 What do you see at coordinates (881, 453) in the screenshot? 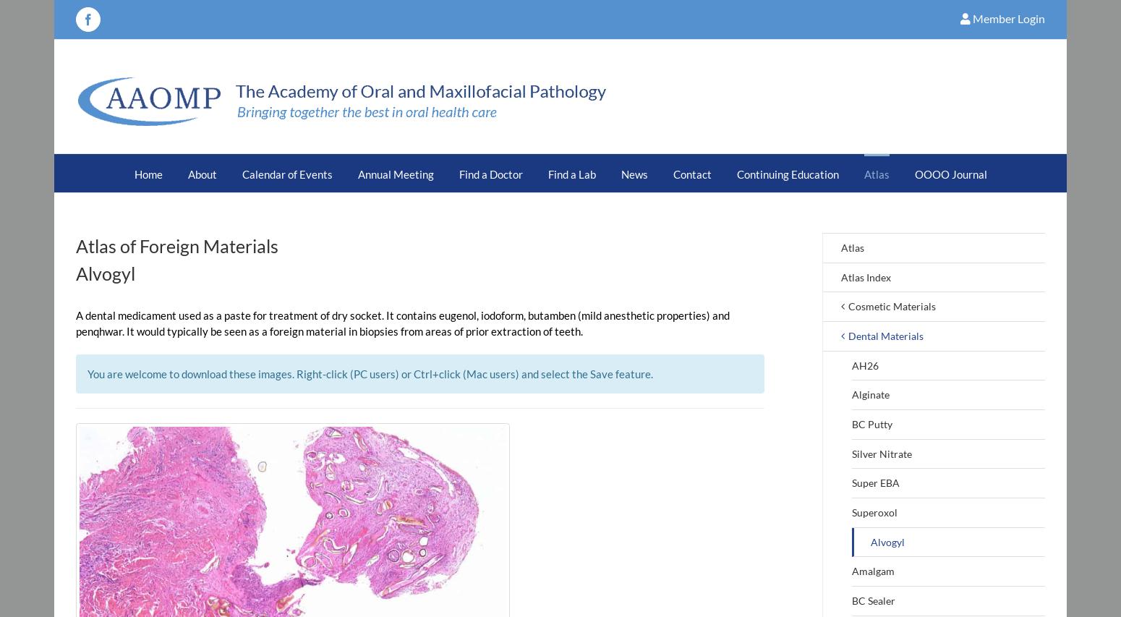
I see `'Silver Nitrate'` at bounding box center [881, 453].